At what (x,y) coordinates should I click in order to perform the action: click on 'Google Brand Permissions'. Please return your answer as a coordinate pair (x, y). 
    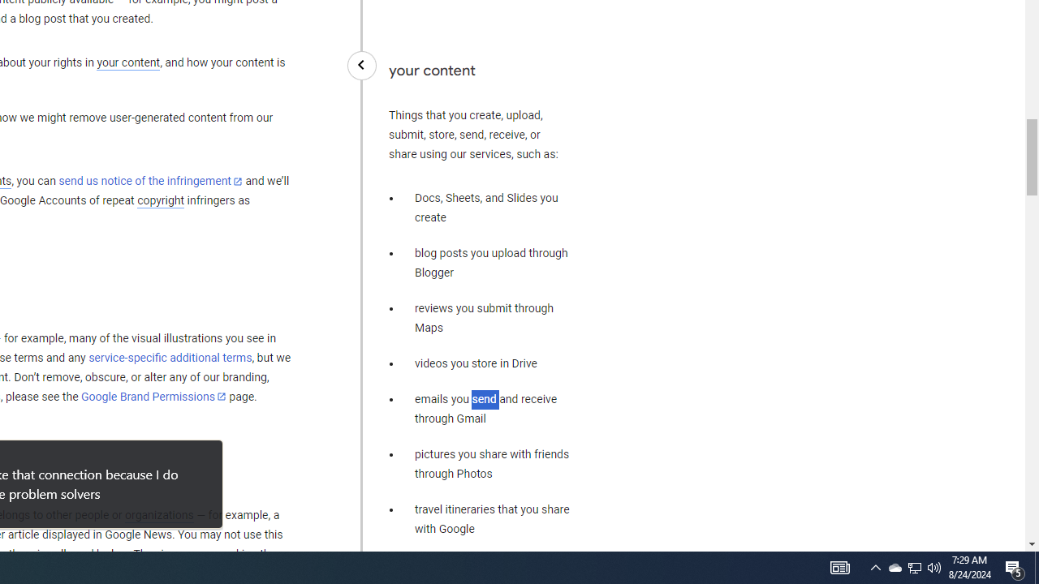
    Looking at the image, I should click on (153, 397).